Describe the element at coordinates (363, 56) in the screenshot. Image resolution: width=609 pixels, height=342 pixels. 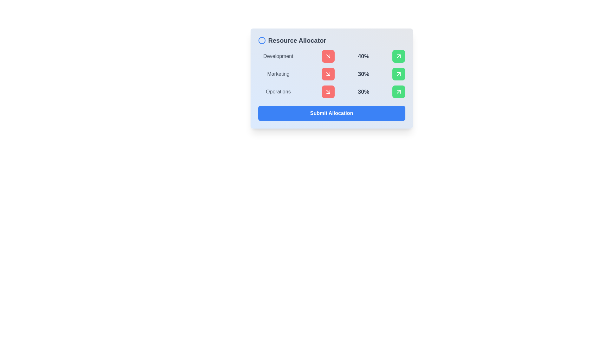
I see `the static text displaying the percentage allocation related to 'Development', located in the second column of the 'Development' row within the card layout, positioned between the arrow-down icon on the left and the arrow-up icon on the right` at that location.